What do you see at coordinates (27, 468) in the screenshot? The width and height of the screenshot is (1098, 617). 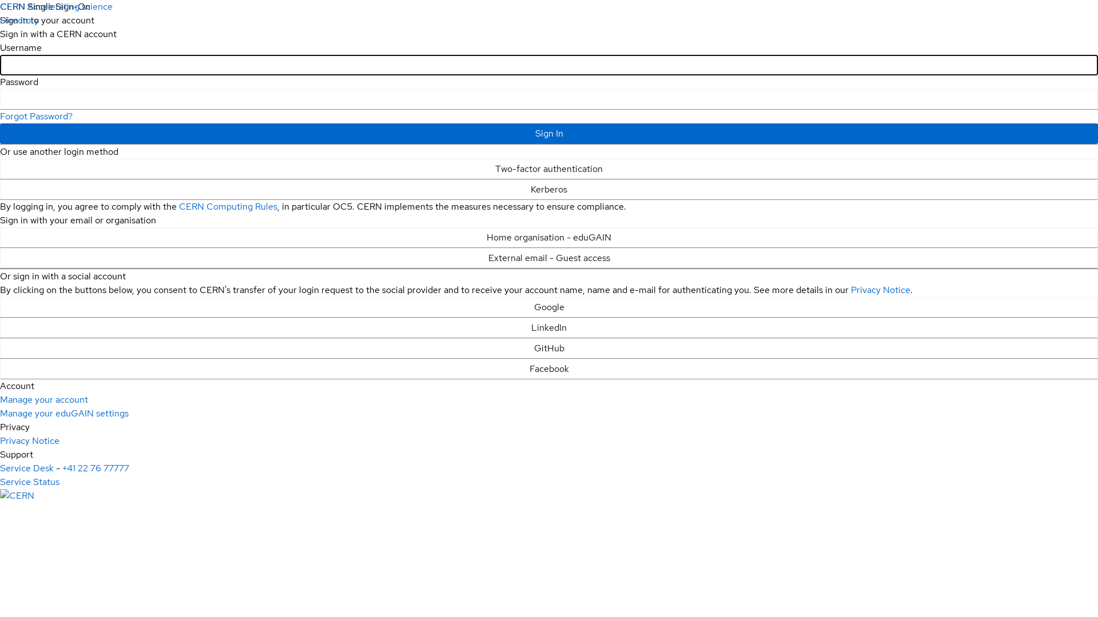 I see `'Service Desk'` at bounding box center [27, 468].